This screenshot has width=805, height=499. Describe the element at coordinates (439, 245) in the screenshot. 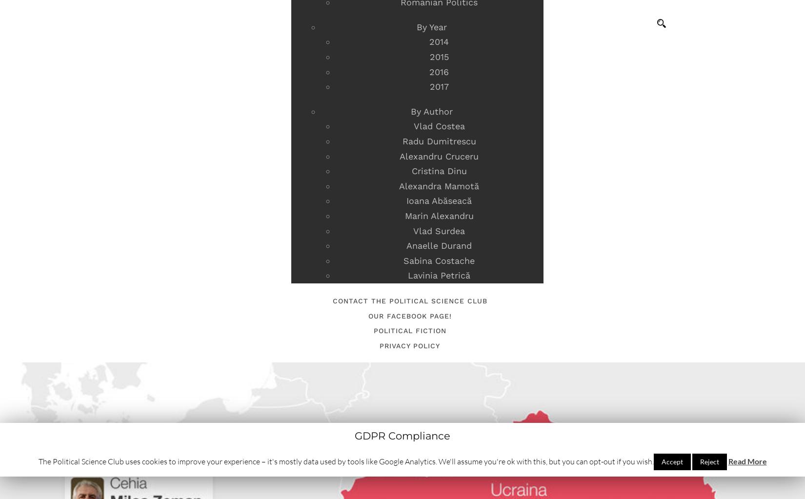

I see `'Anaelle Durand'` at that location.